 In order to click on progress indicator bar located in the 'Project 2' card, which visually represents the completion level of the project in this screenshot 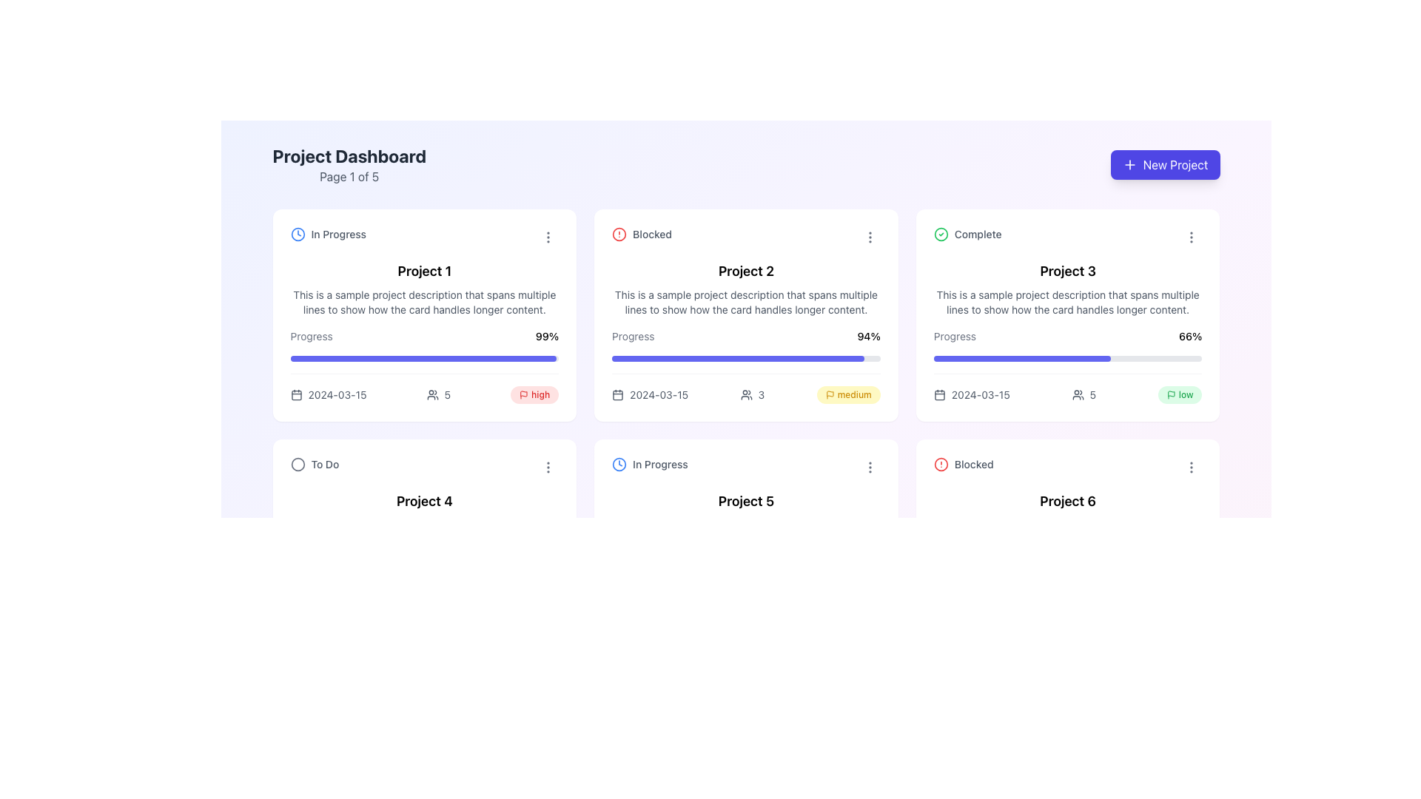, I will do `click(738, 359)`.